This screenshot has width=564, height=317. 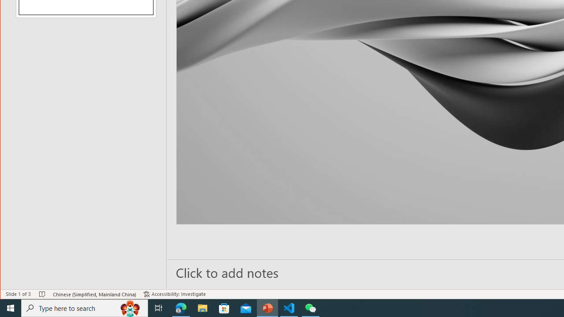 I want to click on 'Start', so click(x=11, y=307).